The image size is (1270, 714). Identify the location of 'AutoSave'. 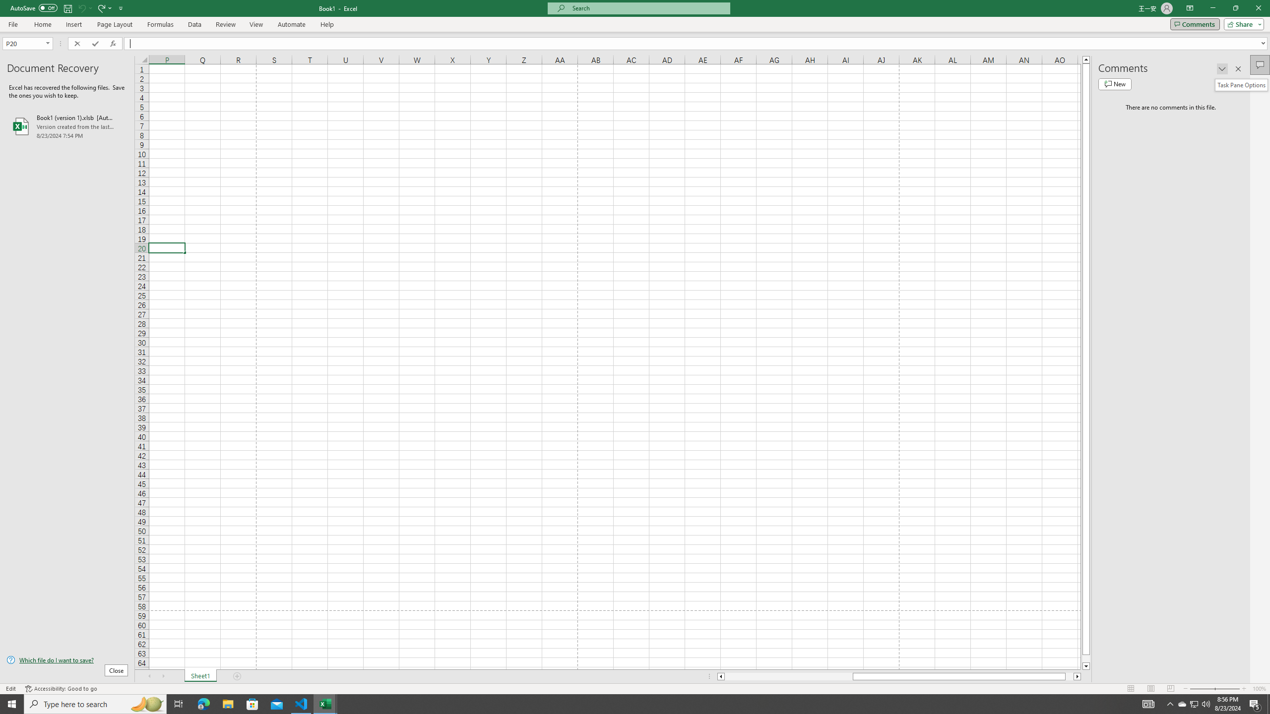
(34, 7).